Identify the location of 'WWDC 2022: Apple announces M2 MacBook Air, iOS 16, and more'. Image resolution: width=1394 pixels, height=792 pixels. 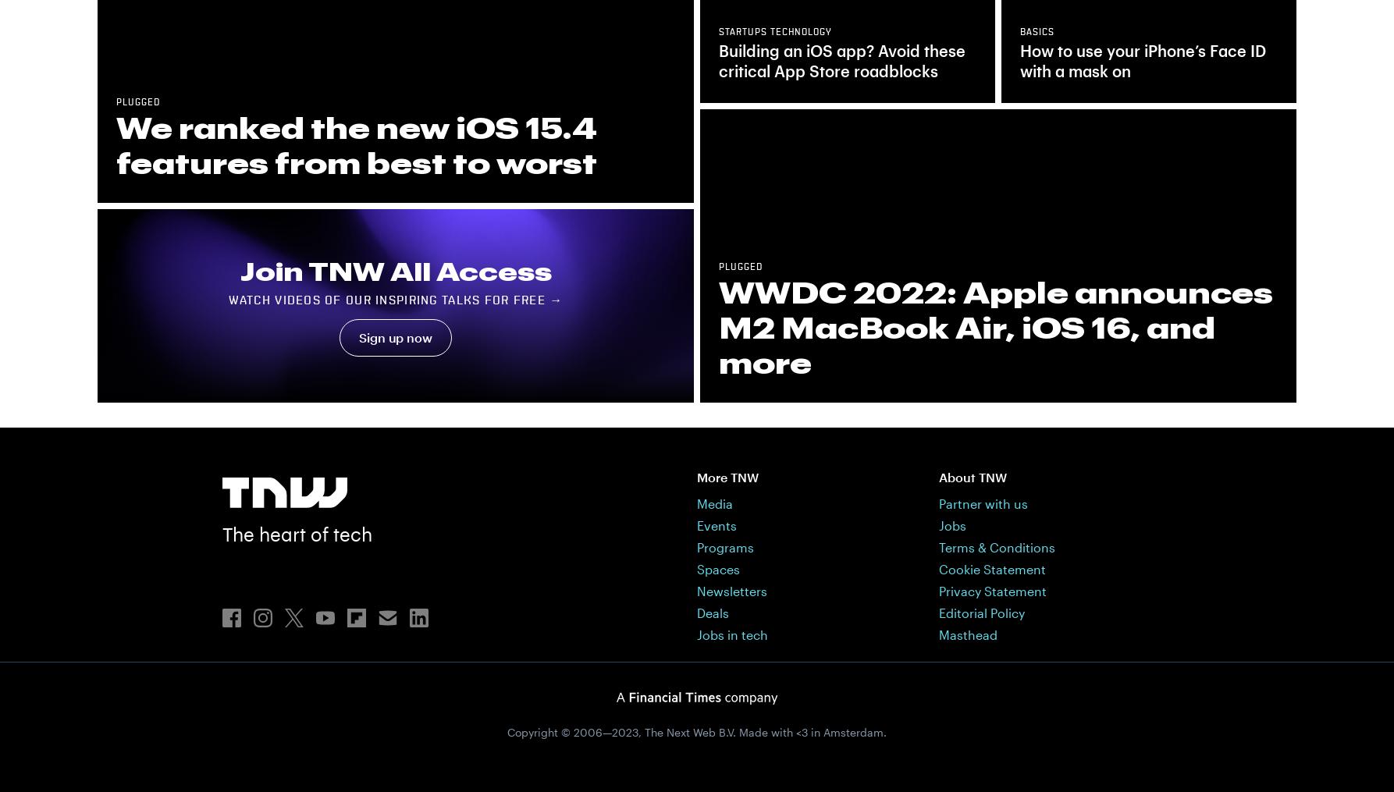
(995, 326).